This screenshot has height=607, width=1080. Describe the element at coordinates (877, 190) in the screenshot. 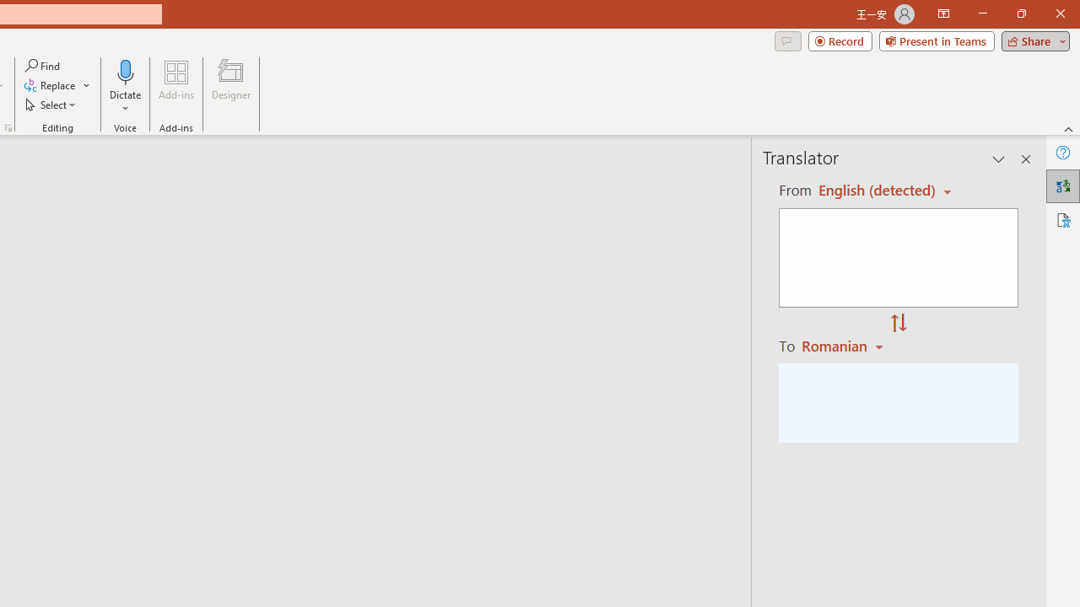

I see `'Czech (detected)'` at that location.